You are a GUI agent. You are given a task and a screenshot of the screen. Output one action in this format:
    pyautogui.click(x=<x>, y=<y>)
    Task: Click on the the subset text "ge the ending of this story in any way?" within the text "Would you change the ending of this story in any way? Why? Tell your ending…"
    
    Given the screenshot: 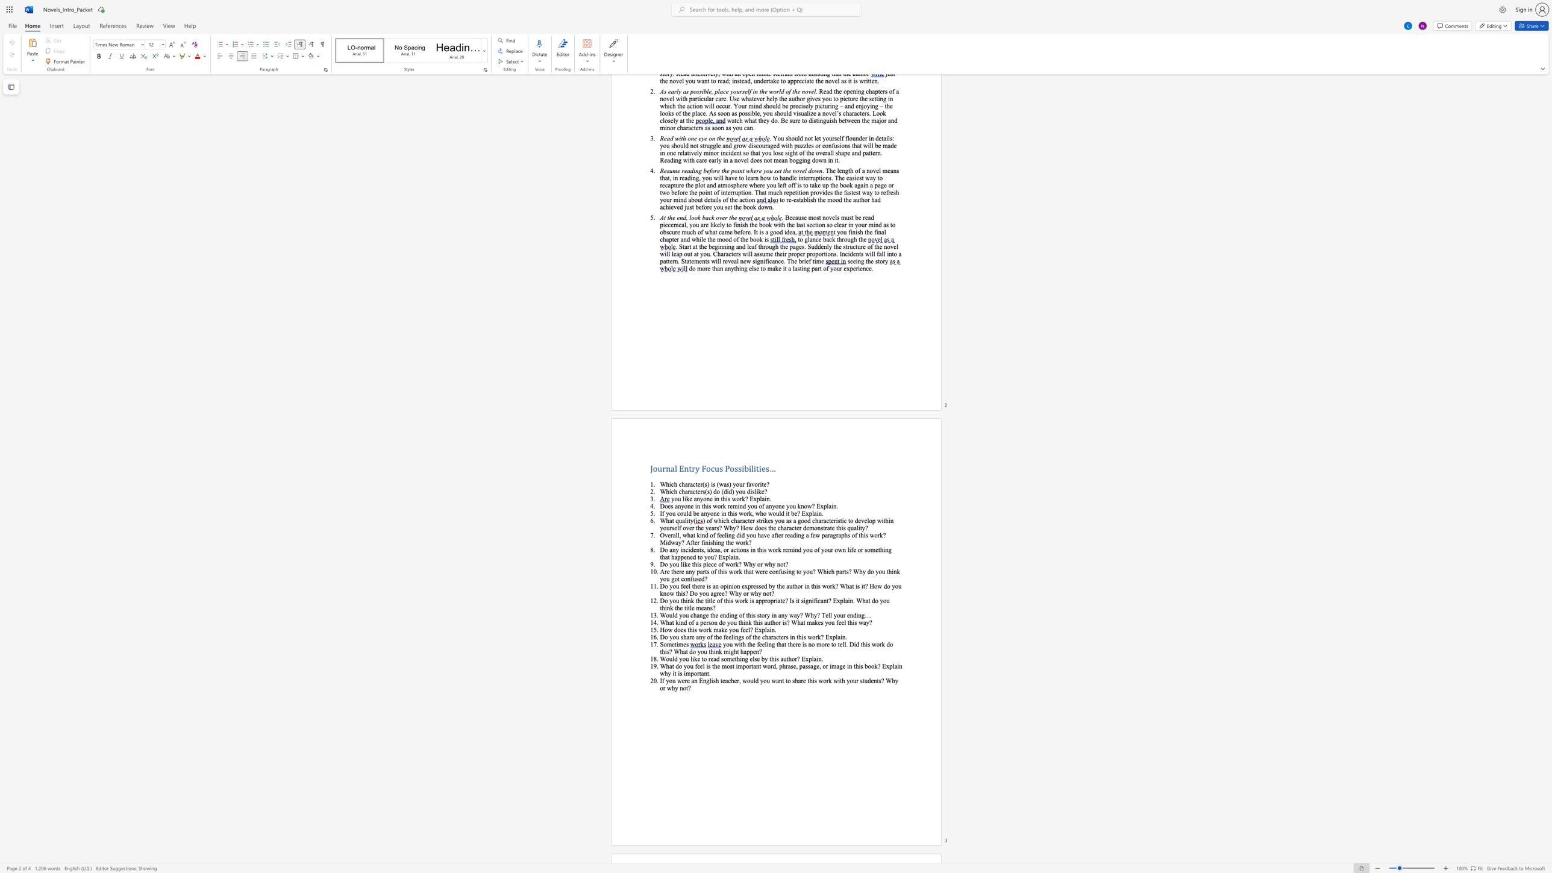 What is the action you would take?
    pyautogui.click(x=702, y=615)
    